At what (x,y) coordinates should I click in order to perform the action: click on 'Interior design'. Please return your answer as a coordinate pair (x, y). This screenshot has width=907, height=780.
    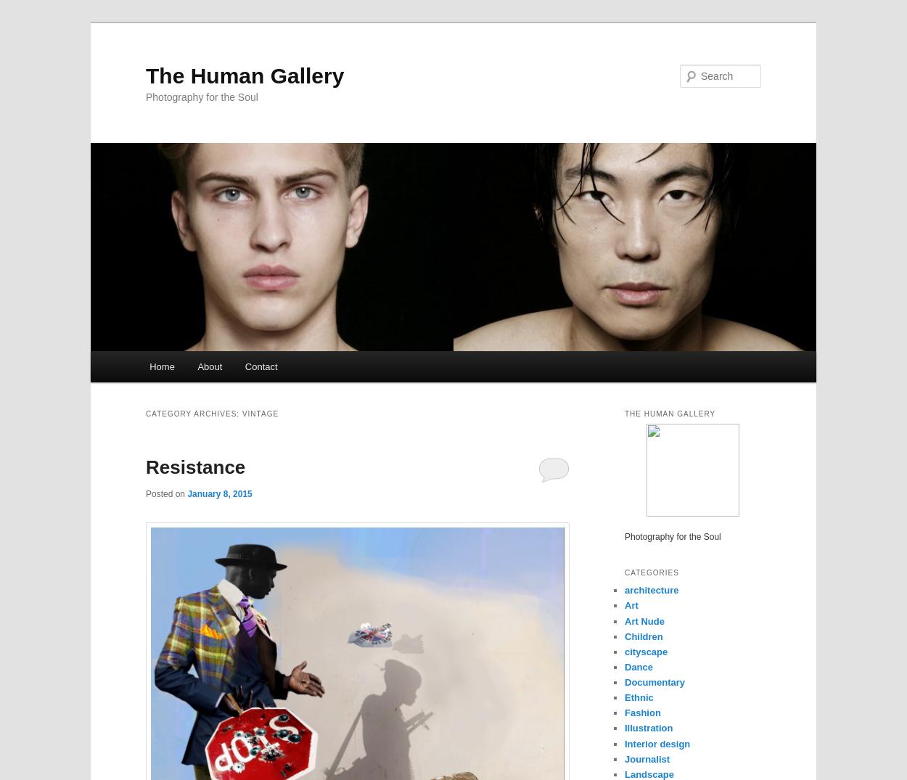
    Looking at the image, I should click on (657, 742).